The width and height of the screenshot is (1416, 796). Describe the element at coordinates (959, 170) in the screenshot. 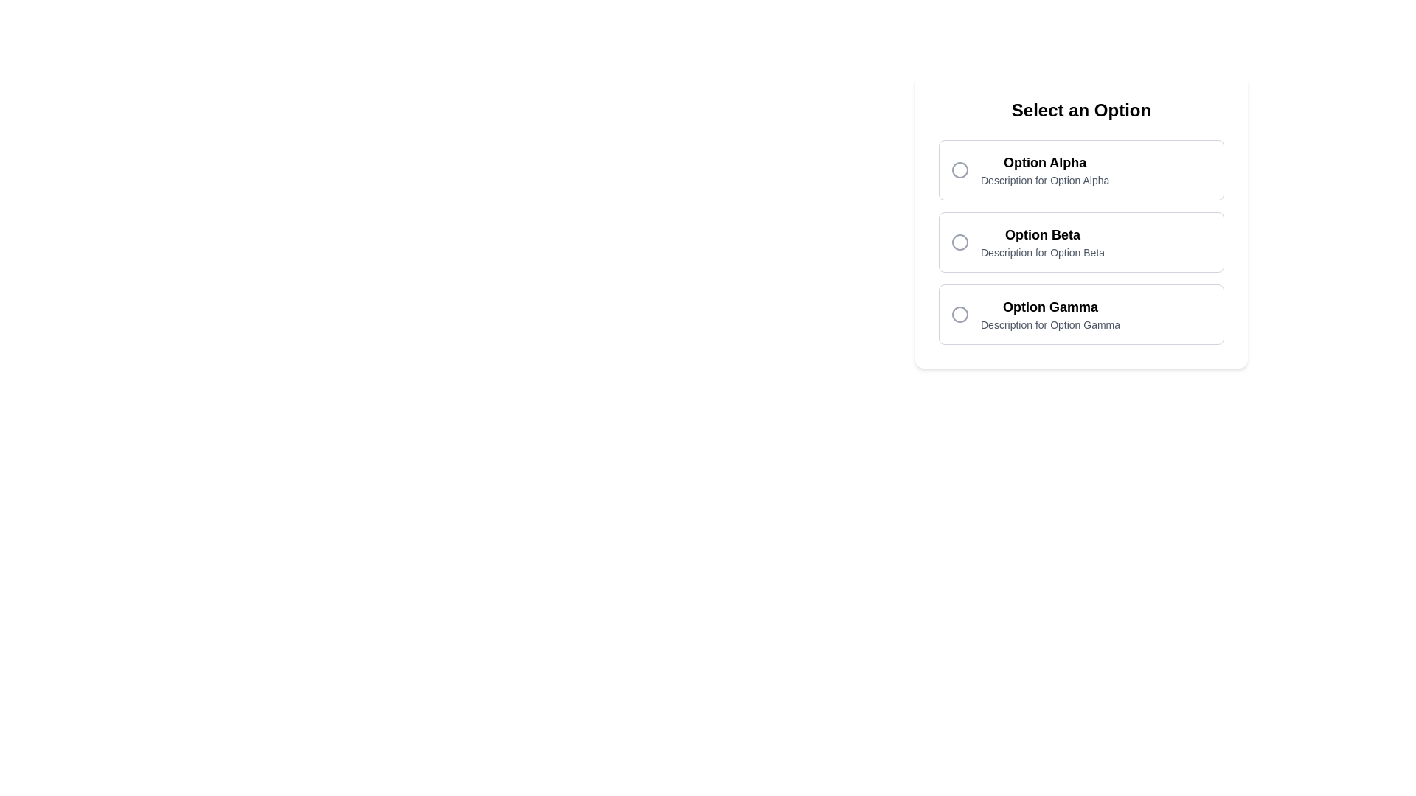

I see `the radio button indicator for 'Option Alpha', which visually indicates its selection state under the heading 'Select an Option'` at that location.